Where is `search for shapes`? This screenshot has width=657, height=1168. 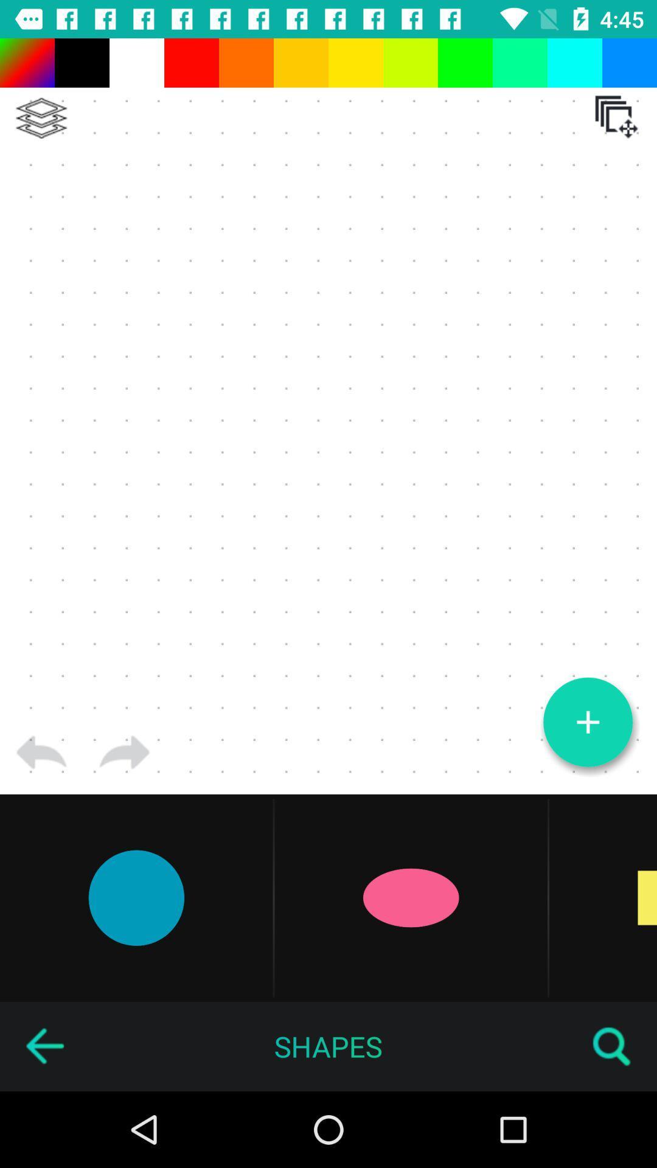 search for shapes is located at coordinates (612, 1046).